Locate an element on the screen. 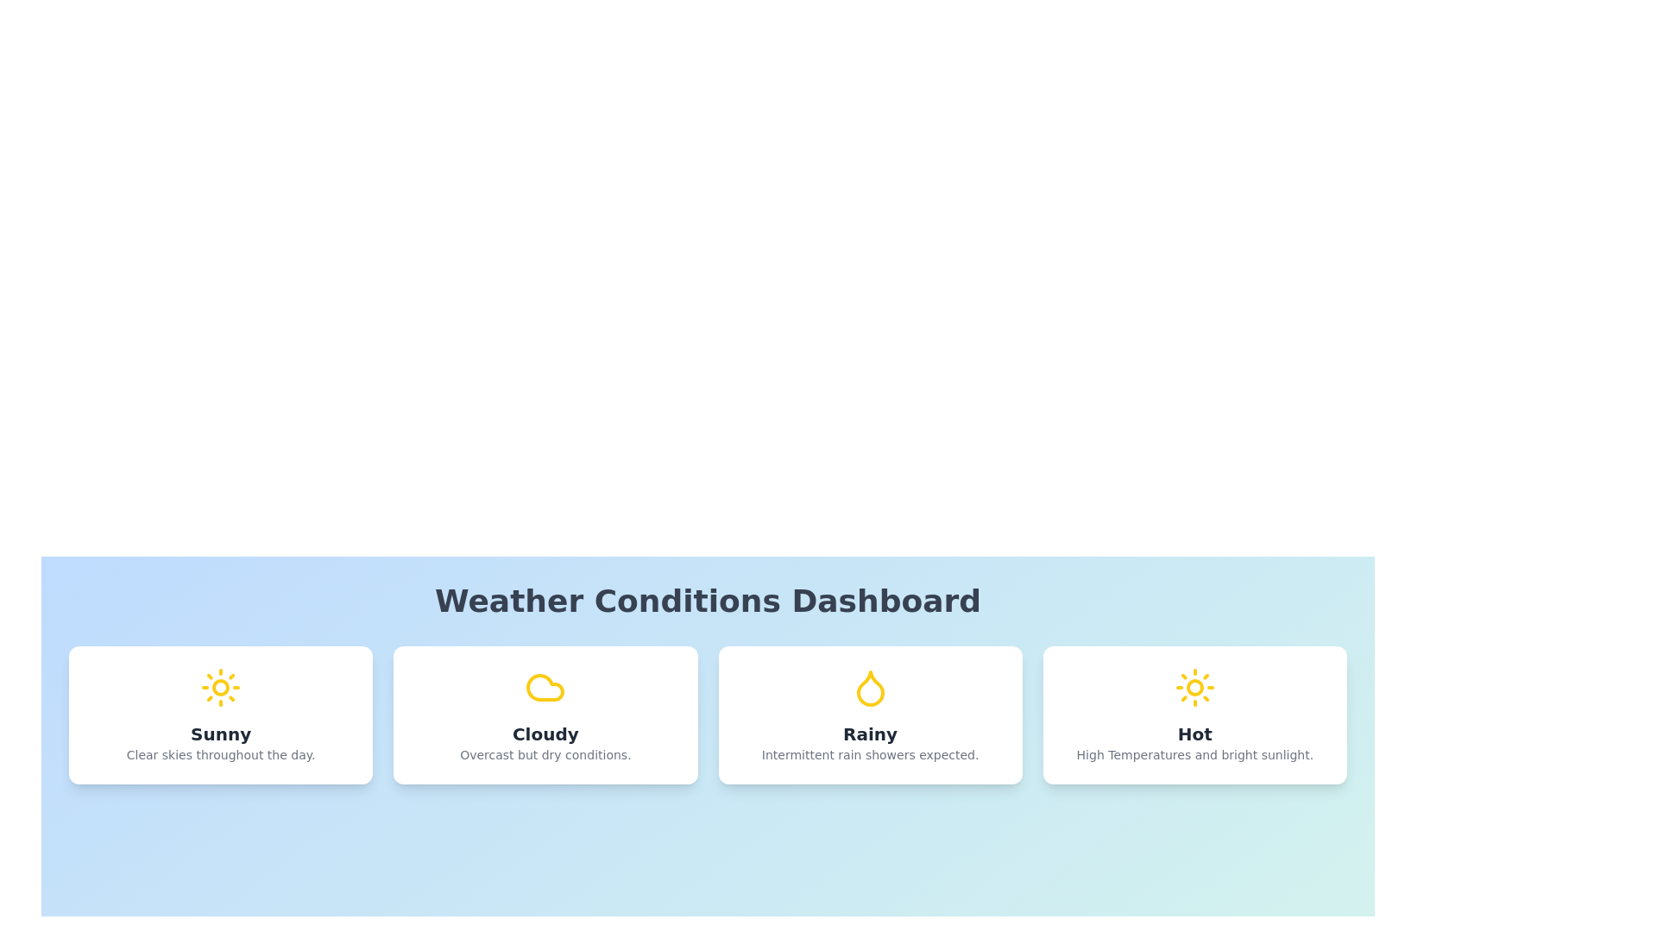 The width and height of the screenshot is (1657, 932). text displayed in the bold font style on the second card from the left labeled 'Cloudy' is located at coordinates (545, 734).